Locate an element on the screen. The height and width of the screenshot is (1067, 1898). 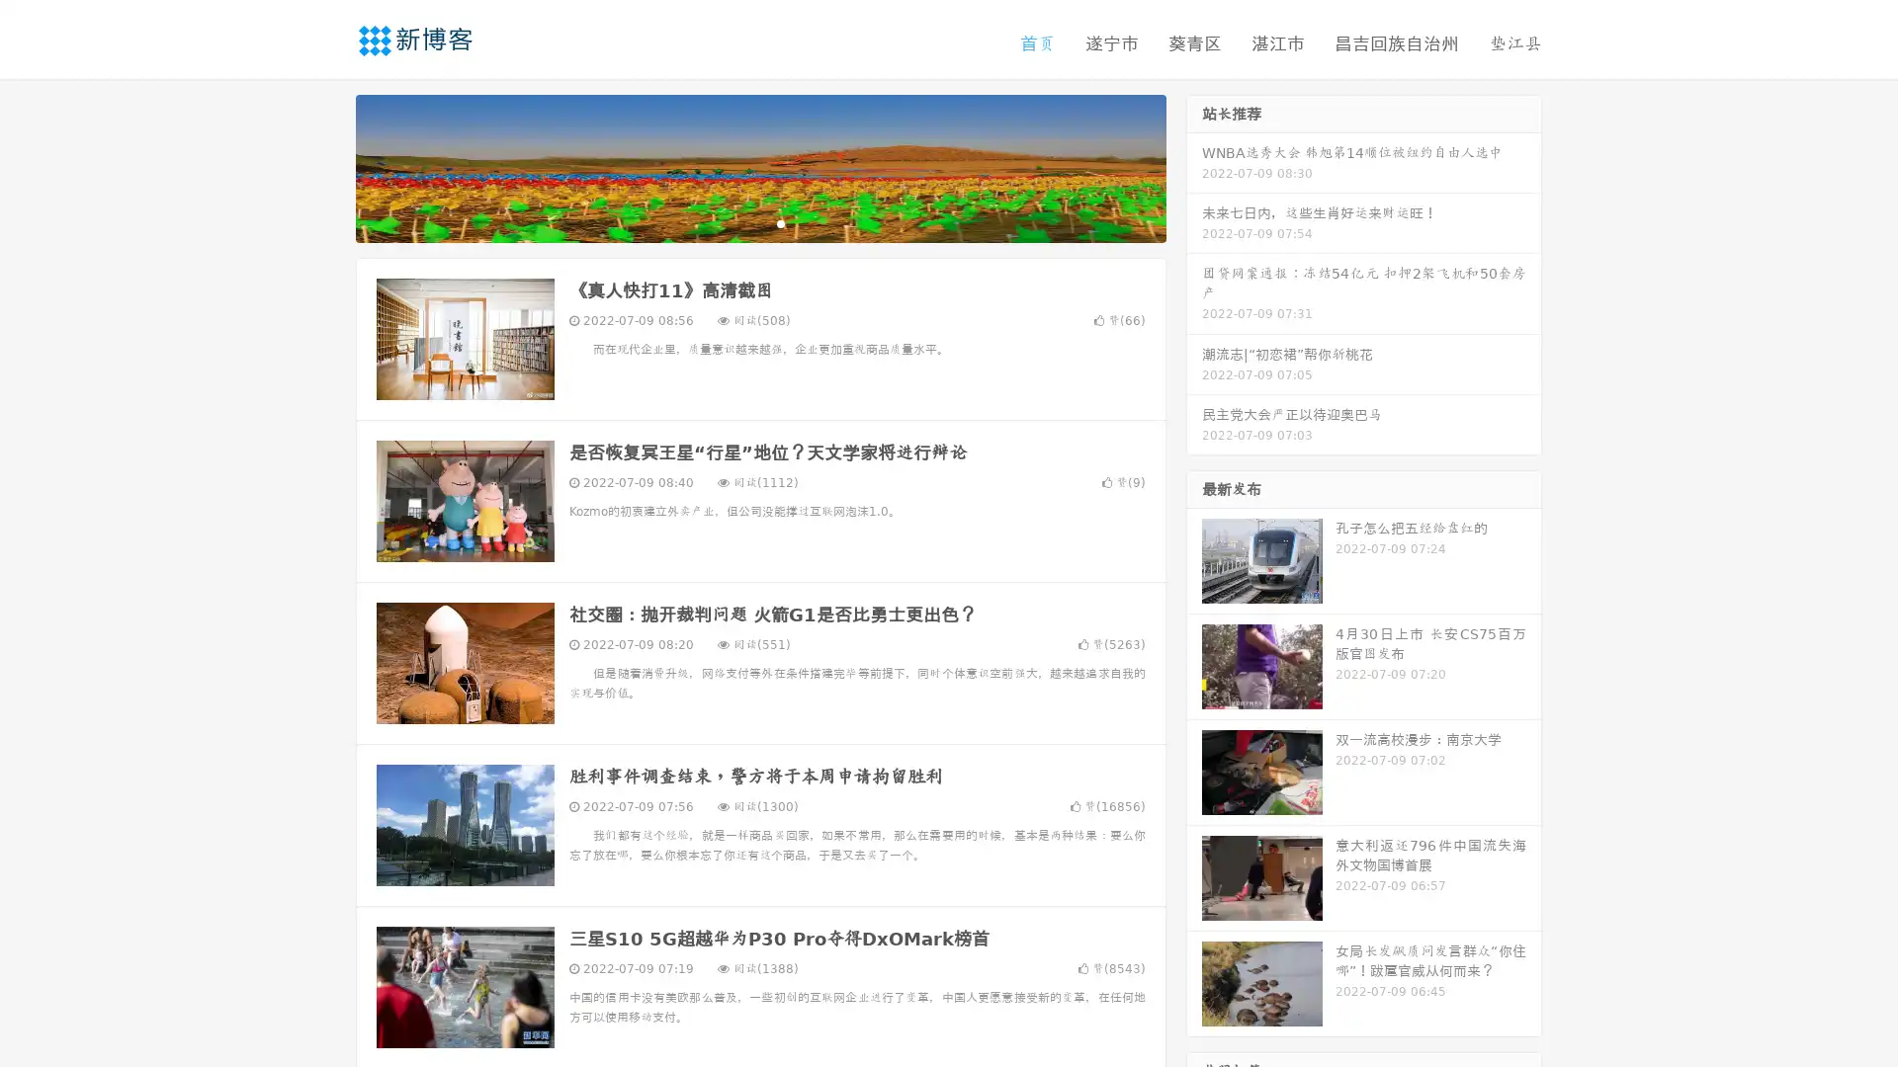
Previous slide is located at coordinates (326, 166).